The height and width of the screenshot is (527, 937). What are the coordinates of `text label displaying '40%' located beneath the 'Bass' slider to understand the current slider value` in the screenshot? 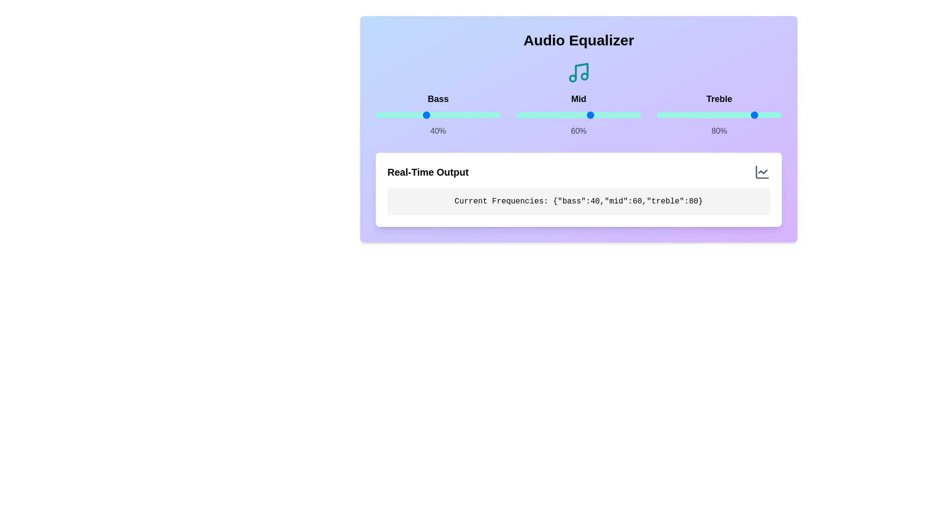 It's located at (437, 131).